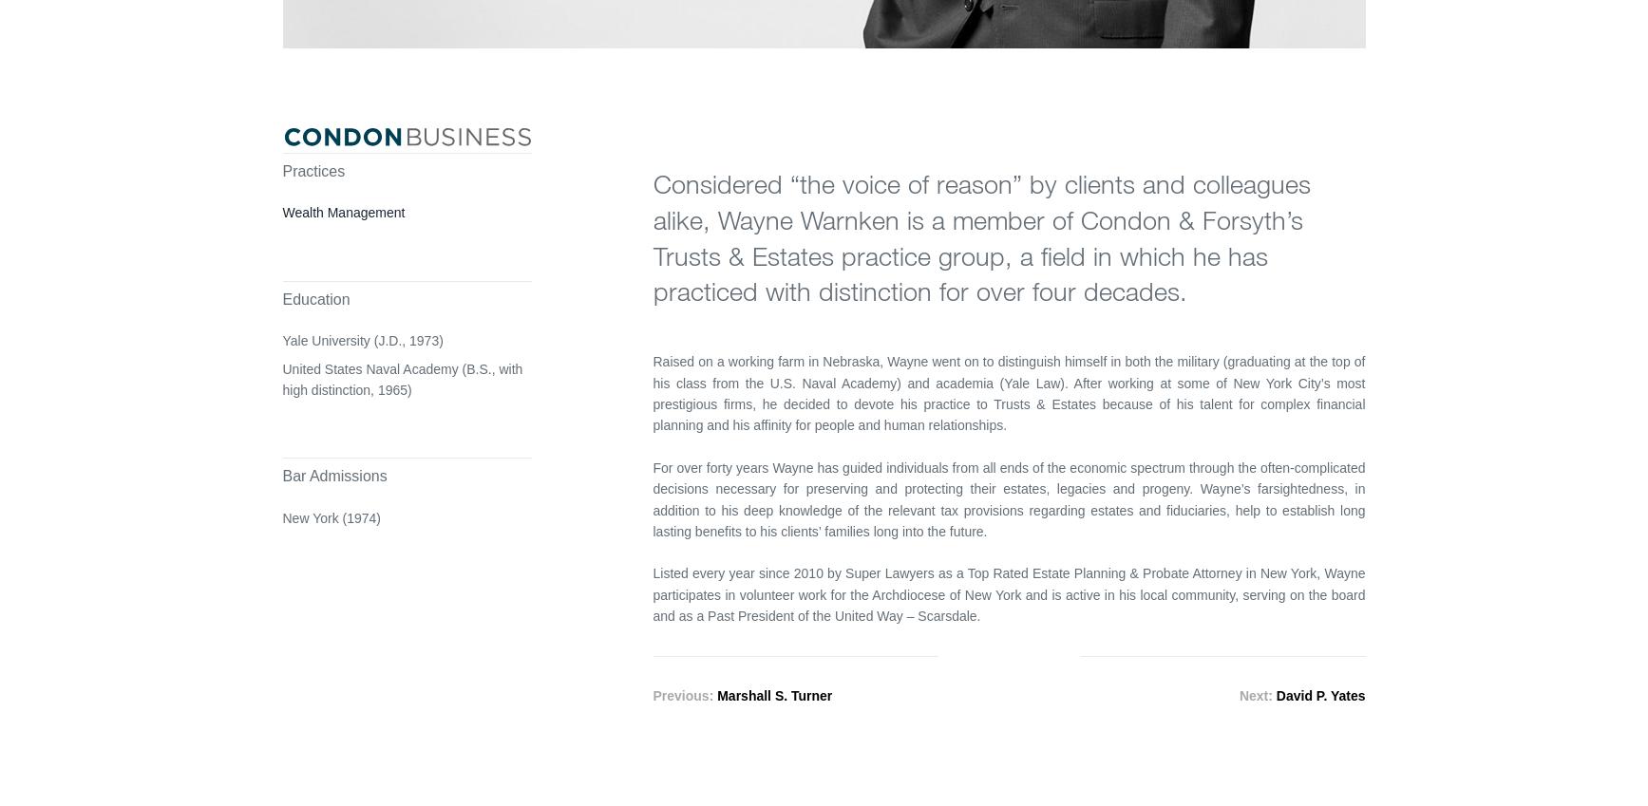 The image size is (1648, 806). I want to click on 'David P. Yates', so click(1319, 695).